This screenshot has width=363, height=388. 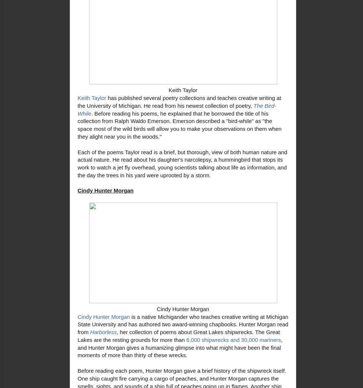 What do you see at coordinates (77, 347) in the screenshot?
I see `', and Hunter Morgan gives a humanizing glimpse into what might have been the final moments of more than thirty of these wrecks.'` at bounding box center [77, 347].